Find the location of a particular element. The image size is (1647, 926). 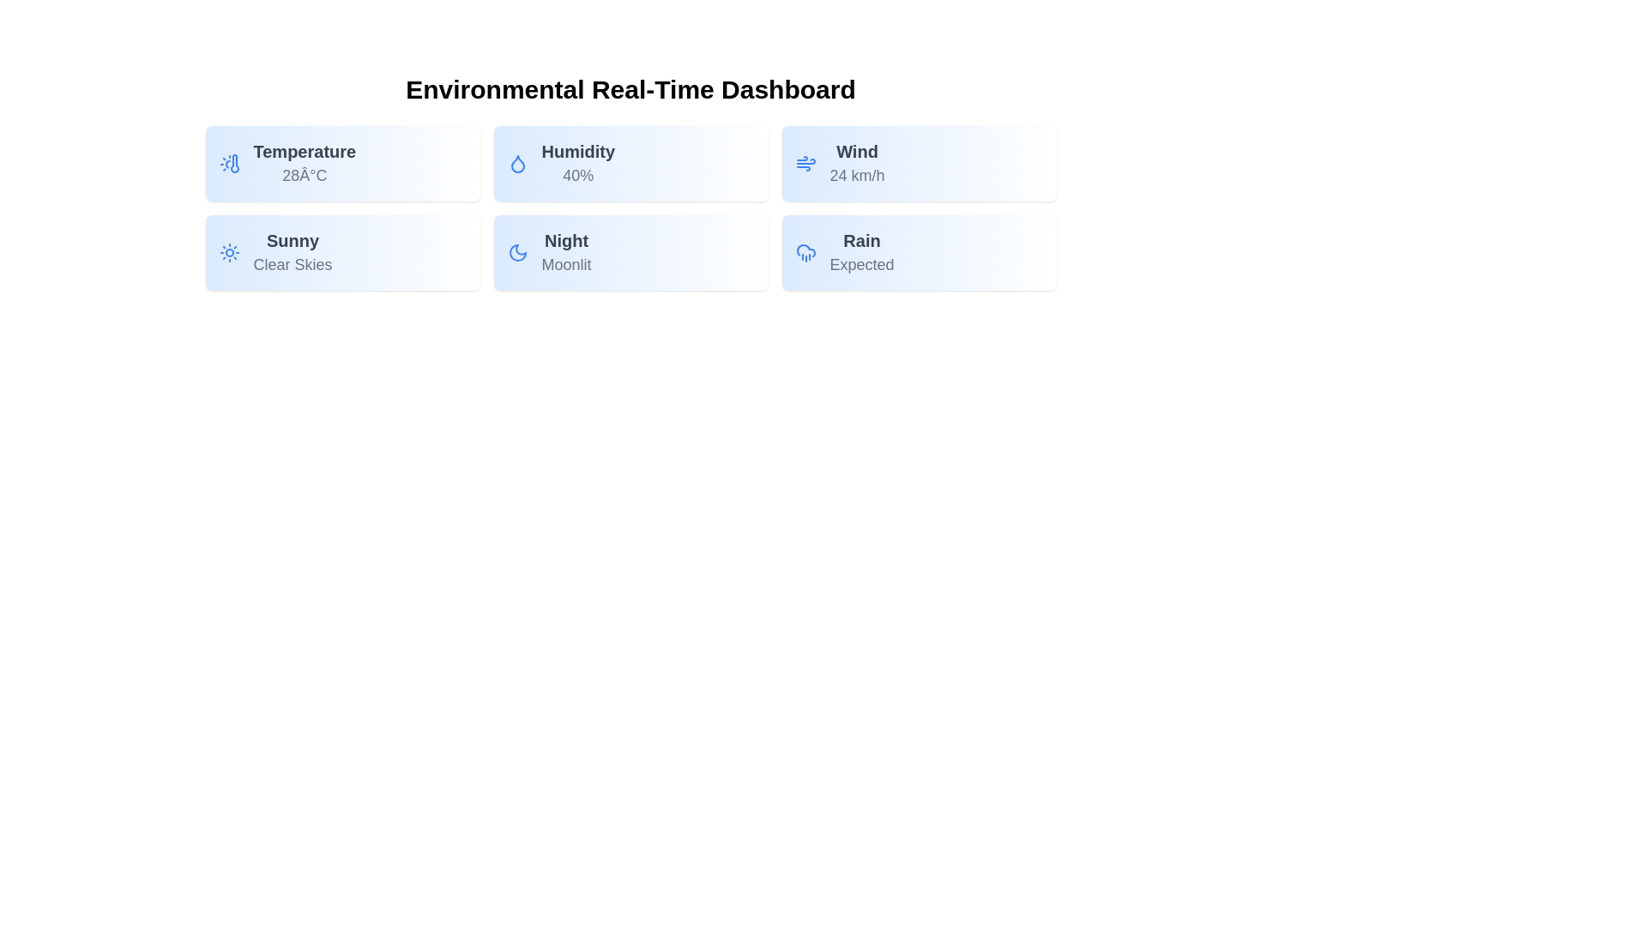

the Informative card displaying sunny weather information, located in the second row and first column of the grid layout is located at coordinates (342, 252).